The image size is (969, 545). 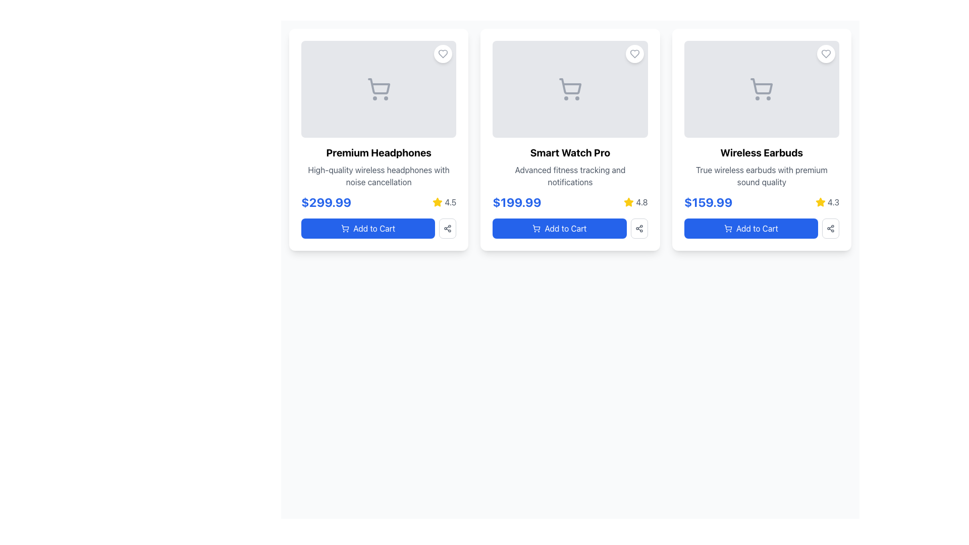 I want to click on the star-shaped icon with a yellow fill located in the bottom-right corner of the third card, adjacent to the numeric rating text '4.3', so click(x=820, y=202).